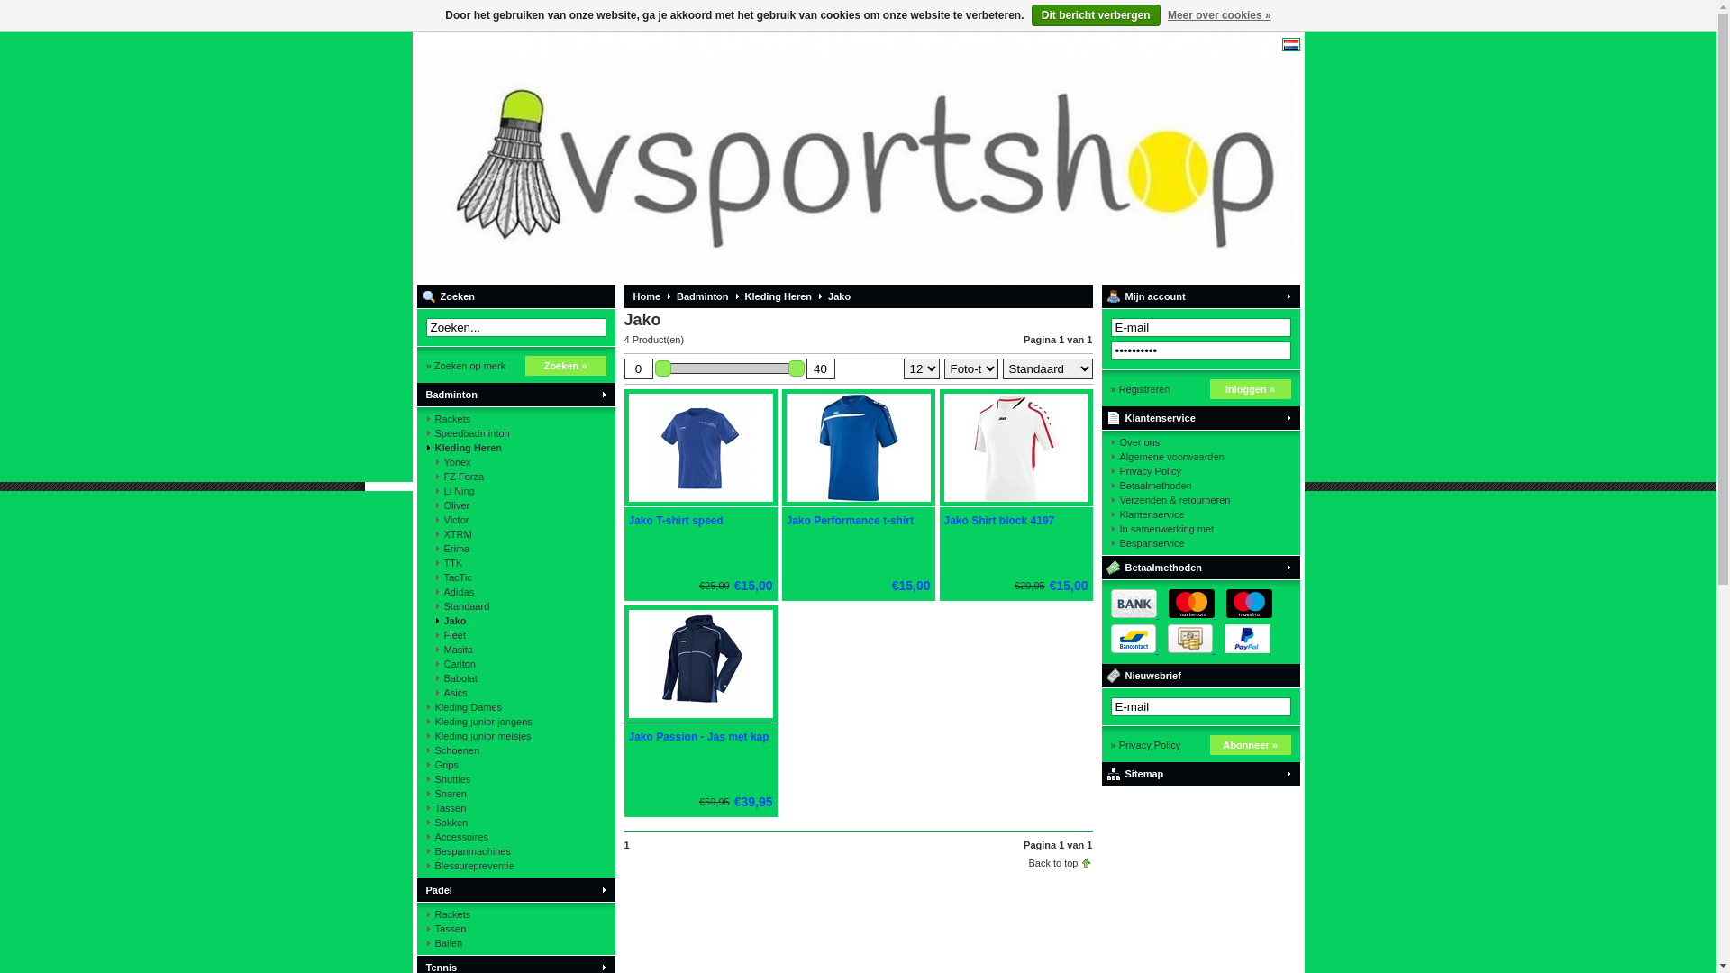 Image resolution: width=1730 pixels, height=973 pixels. I want to click on 'Shuttles', so click(514, 777).